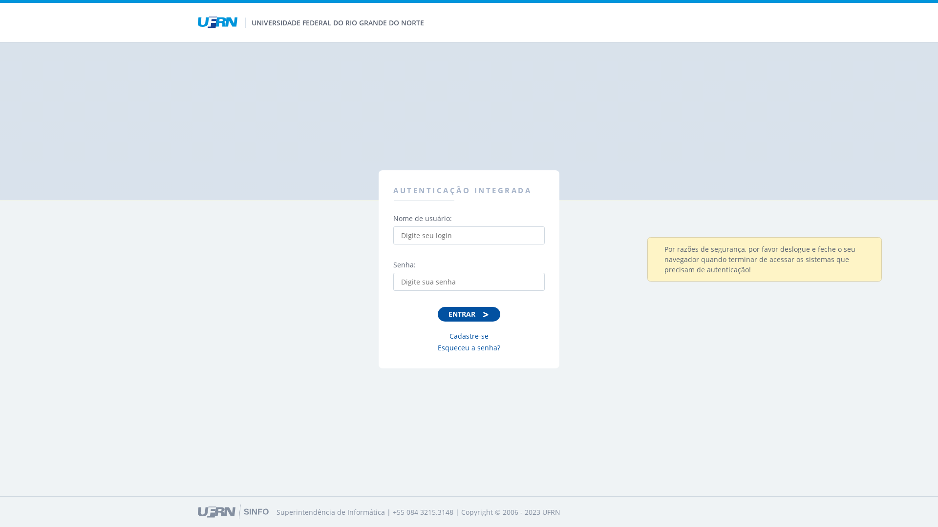 This screenshot has width=938, height=527. Describe the element at coordinates (233, 511) in the screenshot. I see `'Ir para o site da SINFO'` at that location.